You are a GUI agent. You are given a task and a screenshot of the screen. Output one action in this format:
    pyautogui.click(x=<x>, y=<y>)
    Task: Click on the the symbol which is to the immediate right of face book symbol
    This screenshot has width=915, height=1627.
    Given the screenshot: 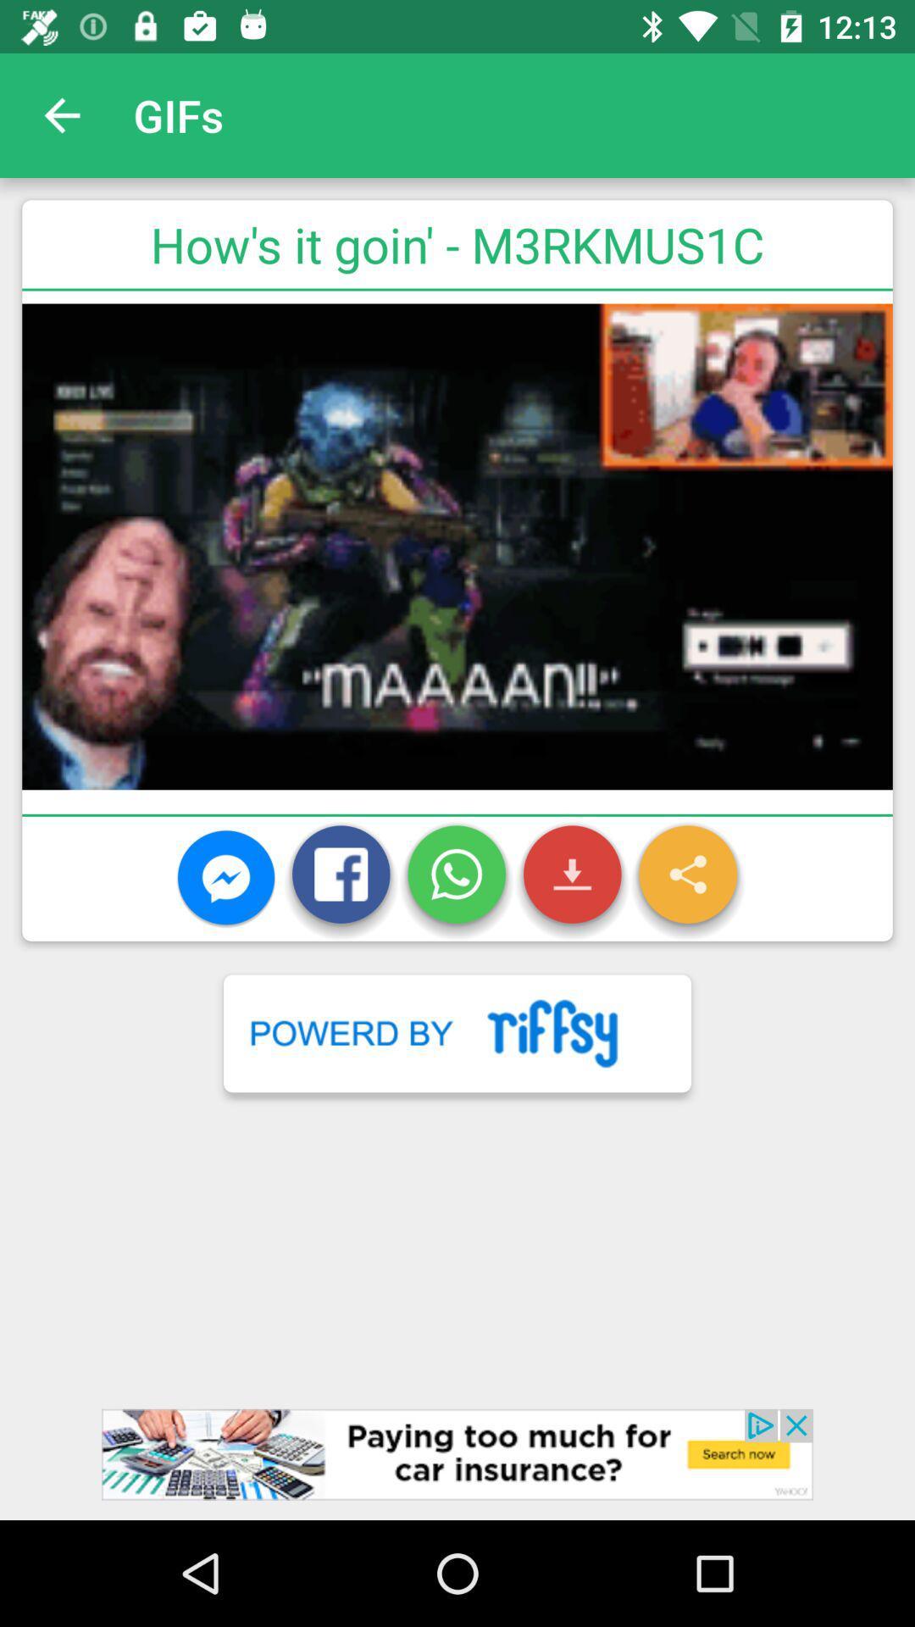 What is the action you would take?
    pyautogui.click(x=456, y=879)
    